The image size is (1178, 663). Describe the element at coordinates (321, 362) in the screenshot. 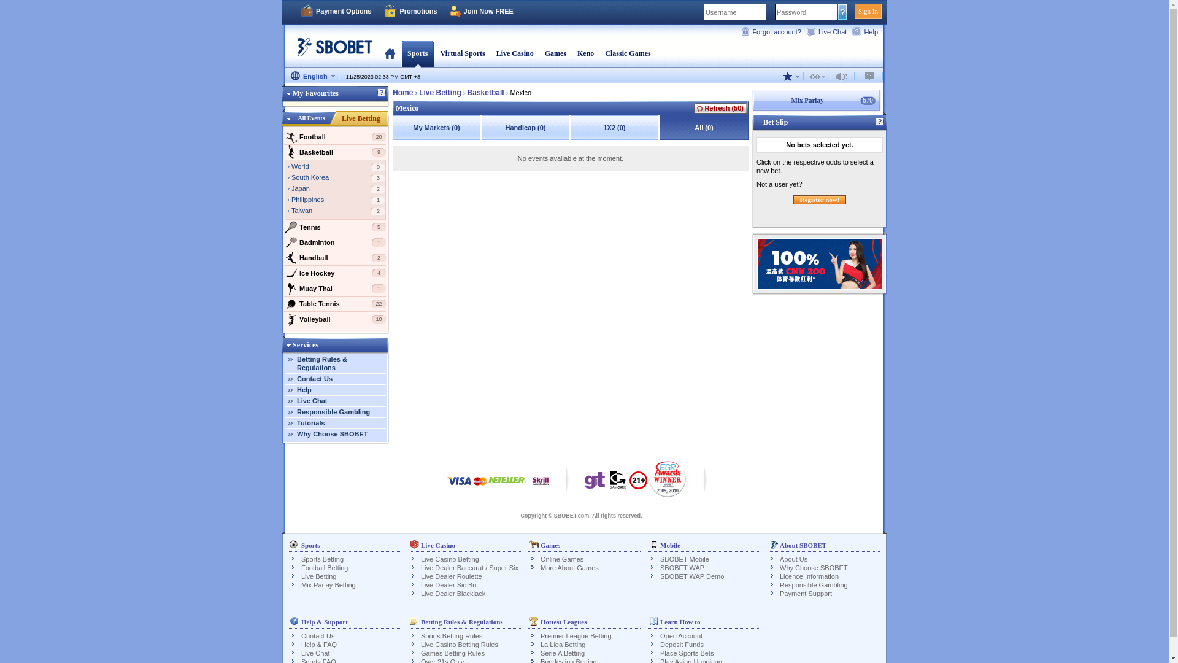

I see `'Betting Rules & Regulations'` at that location.